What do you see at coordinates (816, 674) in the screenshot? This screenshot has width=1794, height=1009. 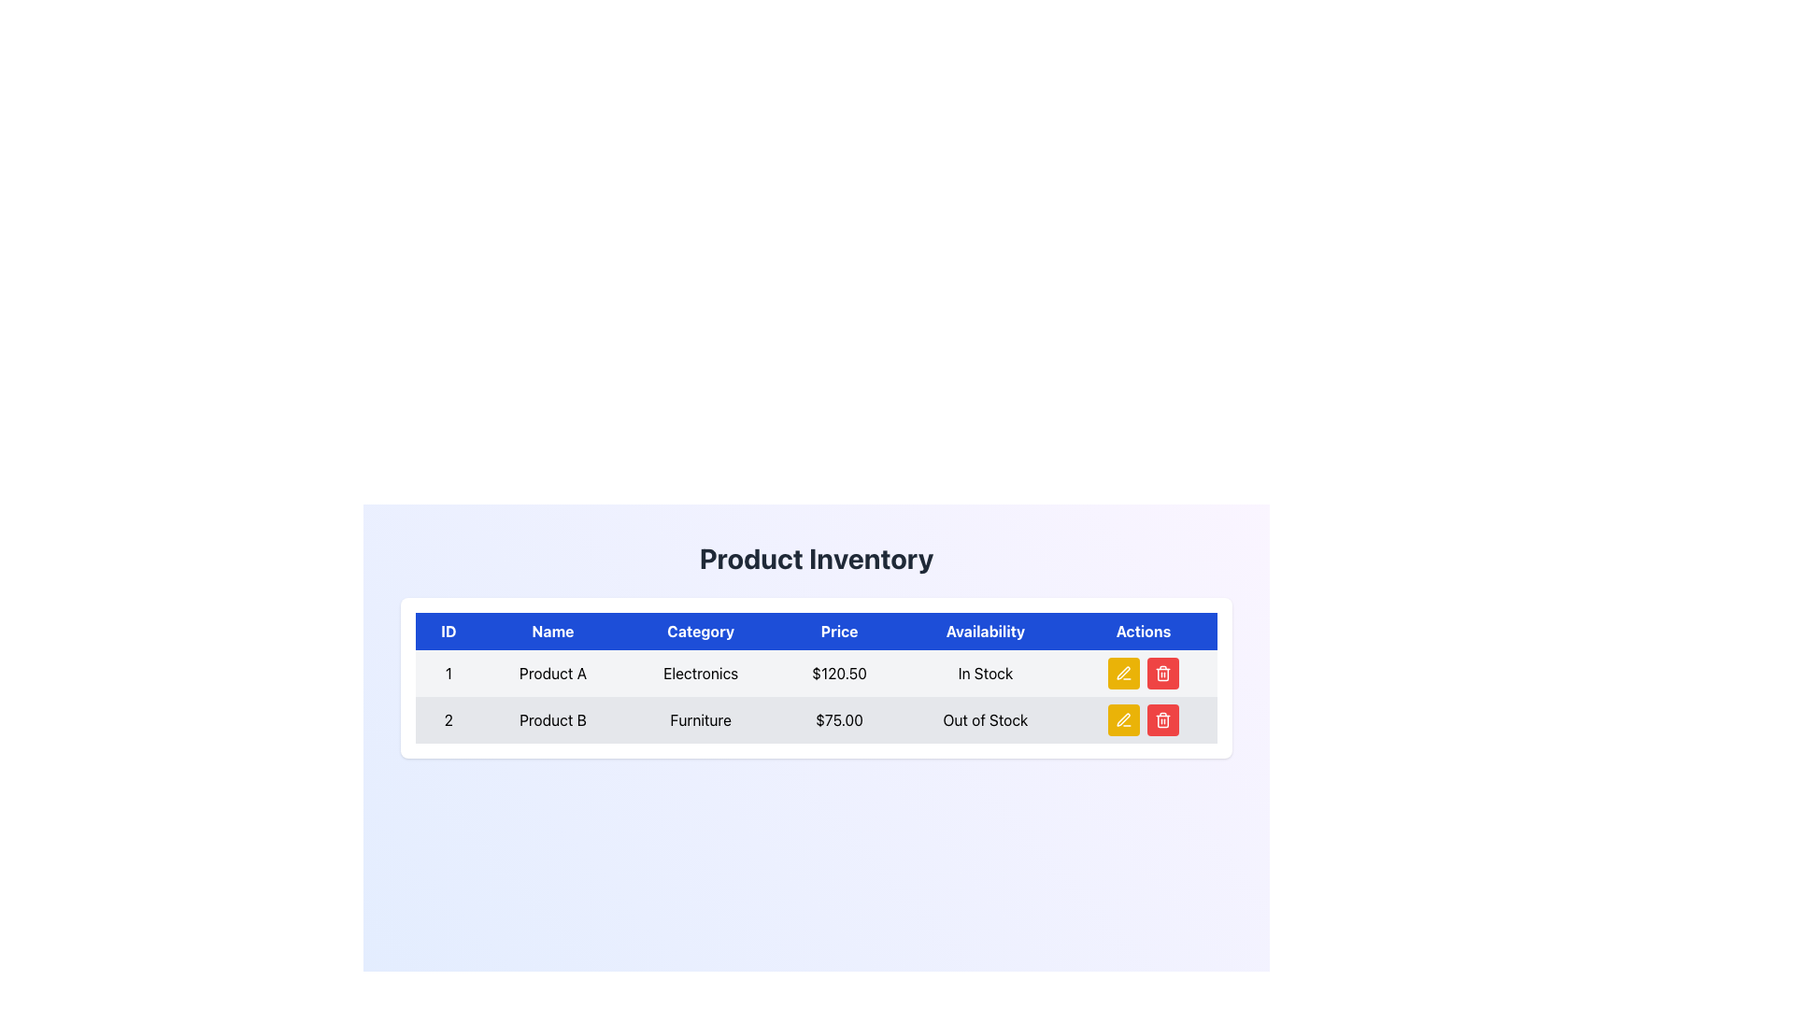 I see `the price cell for 'Product A' located in the first row of the table, specifically in the fourth cell under the Price column` at bounding box center [816, 674].